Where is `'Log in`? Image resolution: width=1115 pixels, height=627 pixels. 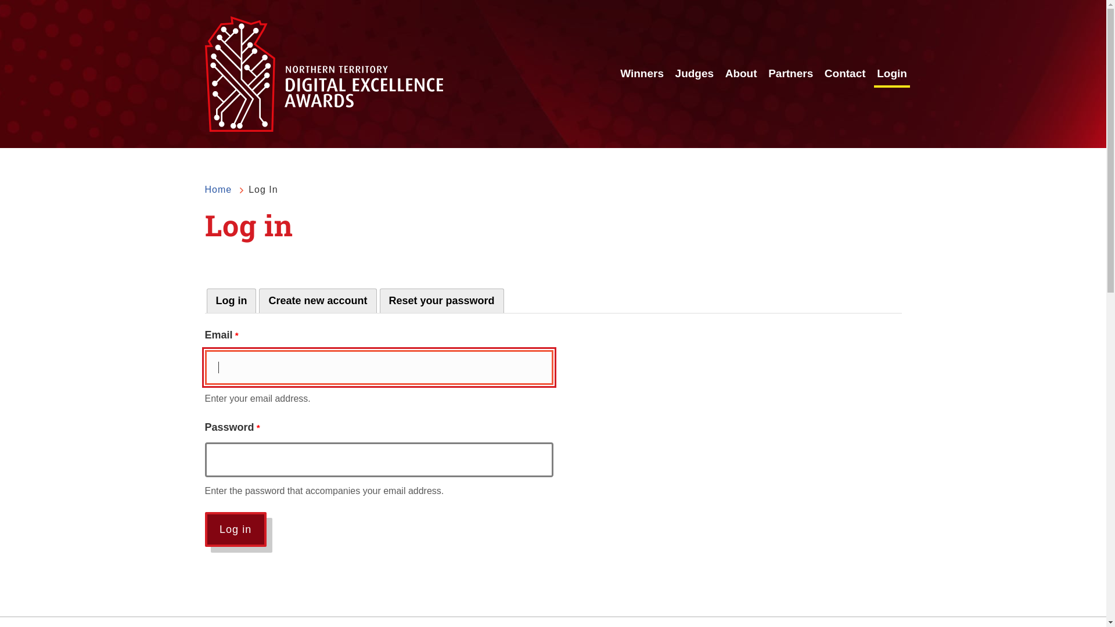
'Log in is located at coordinates (231, 300).